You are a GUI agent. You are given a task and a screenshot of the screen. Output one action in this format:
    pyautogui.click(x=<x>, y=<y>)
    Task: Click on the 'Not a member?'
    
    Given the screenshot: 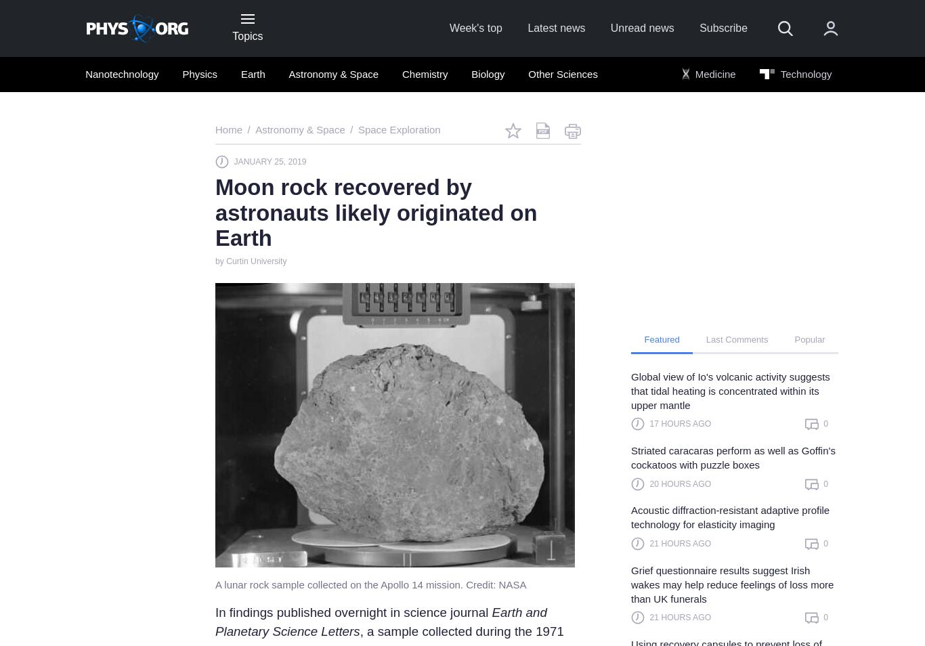 What is the action you would take?
    pyautogui.click(x=633, y=297)
    